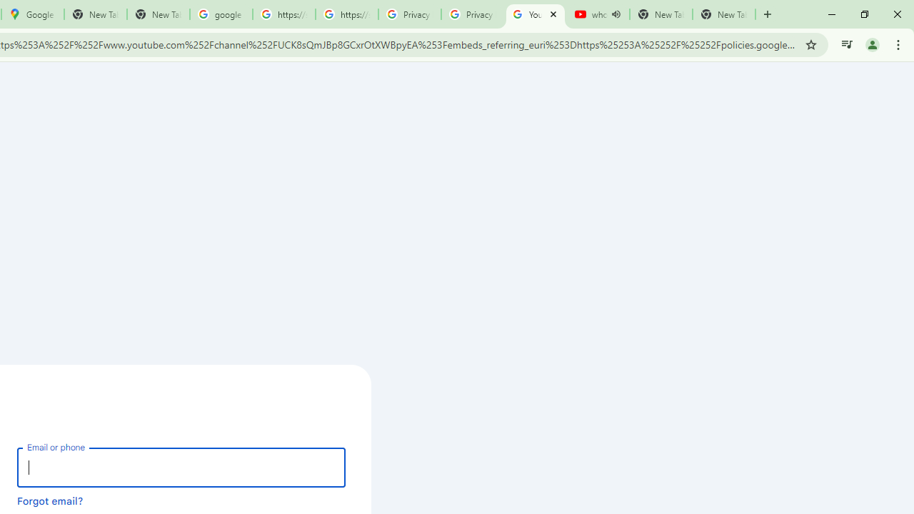  I want to click on 'New Tab', so click(724, 14).